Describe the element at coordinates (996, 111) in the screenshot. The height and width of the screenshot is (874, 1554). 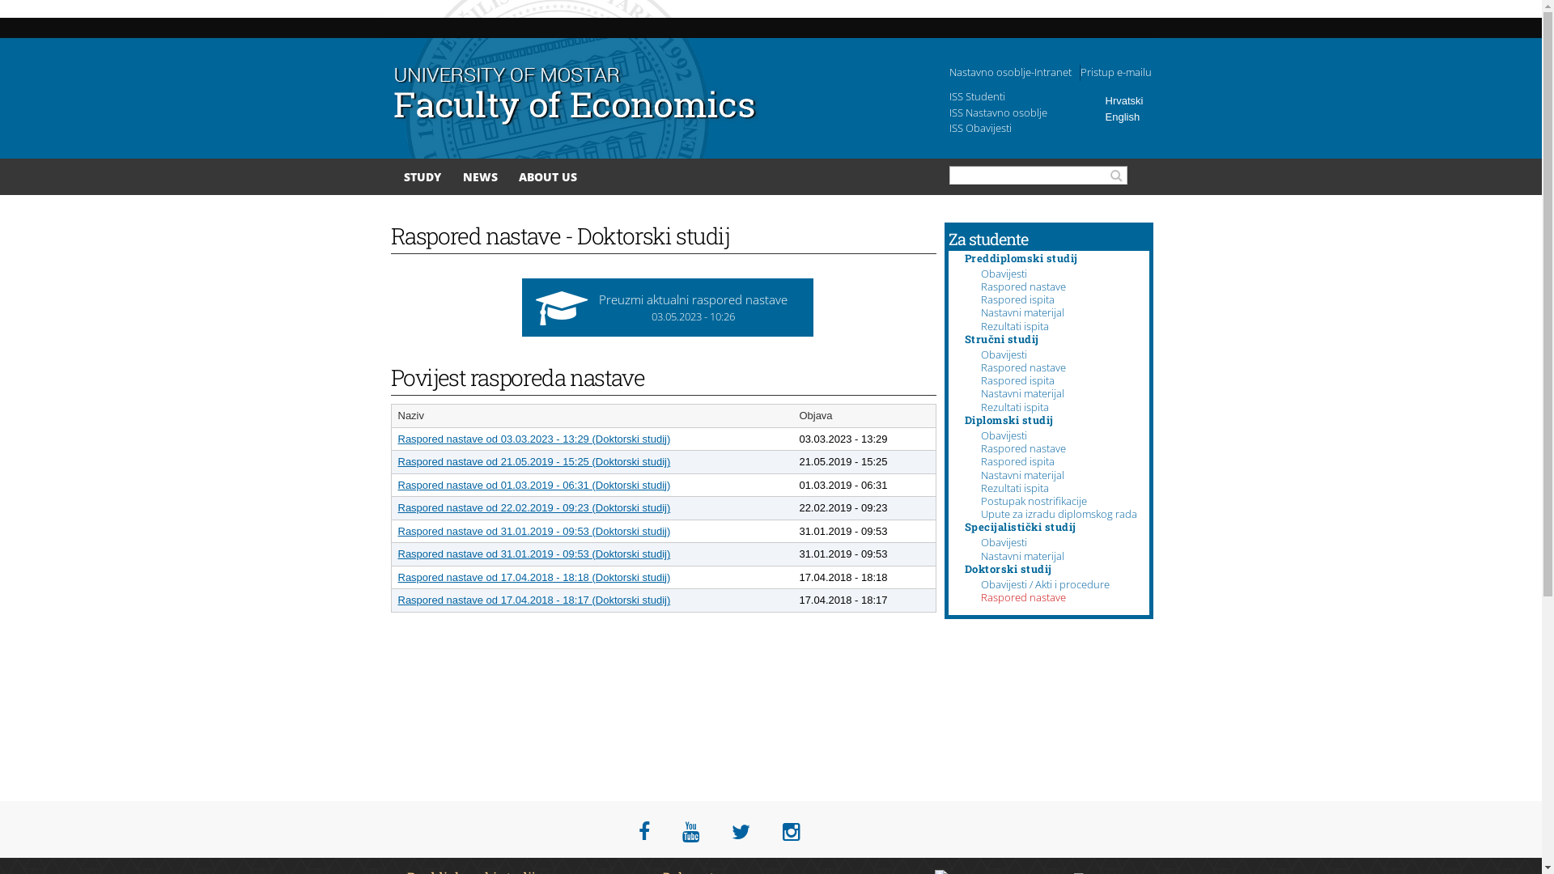
I see `'ISS Nastavno osoblje'` at that location.